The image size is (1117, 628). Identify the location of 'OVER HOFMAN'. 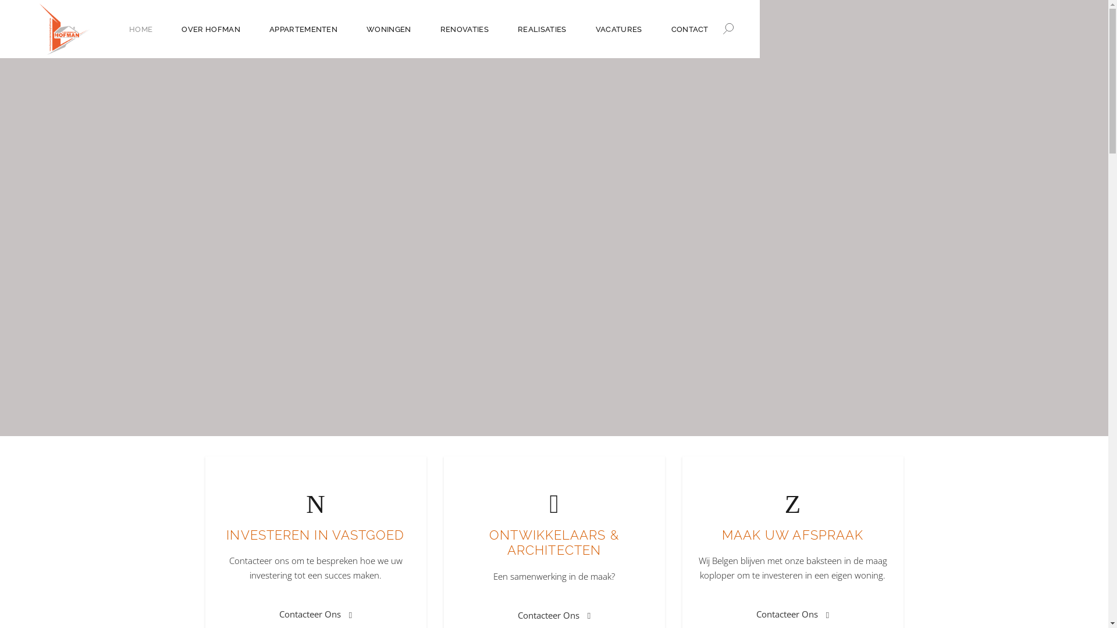
(211, 28).